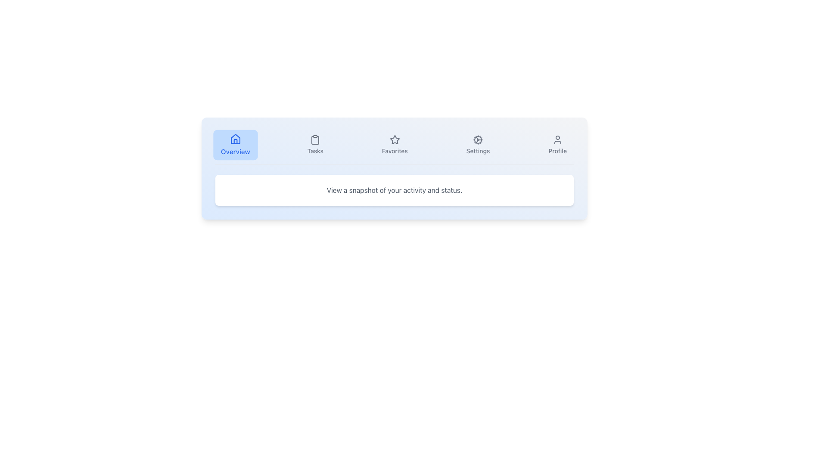  Describe the element at coordinates (235, 139) in the screenshot. I see `the house icon in the horizontal navigation menu, which is the leftmost icon representing 'Overview'` at that location.